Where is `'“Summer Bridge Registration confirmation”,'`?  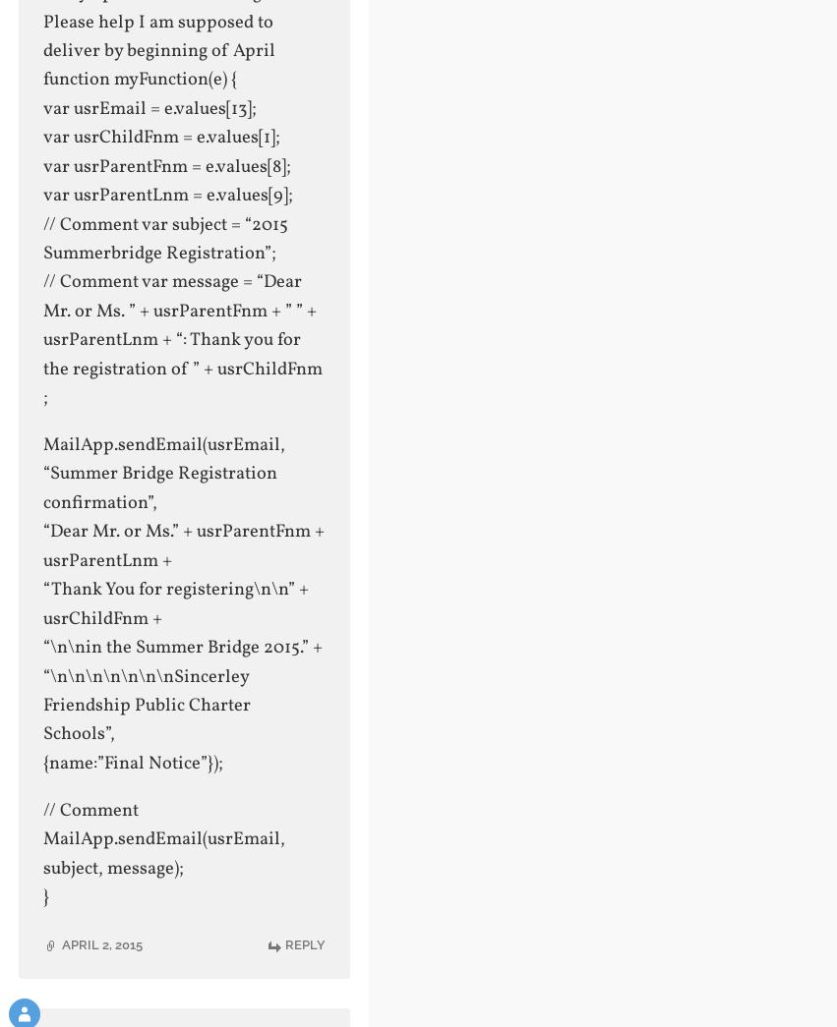
'“Summer Bridge Registration confirmation”,' is located at coordinates (158, 486).